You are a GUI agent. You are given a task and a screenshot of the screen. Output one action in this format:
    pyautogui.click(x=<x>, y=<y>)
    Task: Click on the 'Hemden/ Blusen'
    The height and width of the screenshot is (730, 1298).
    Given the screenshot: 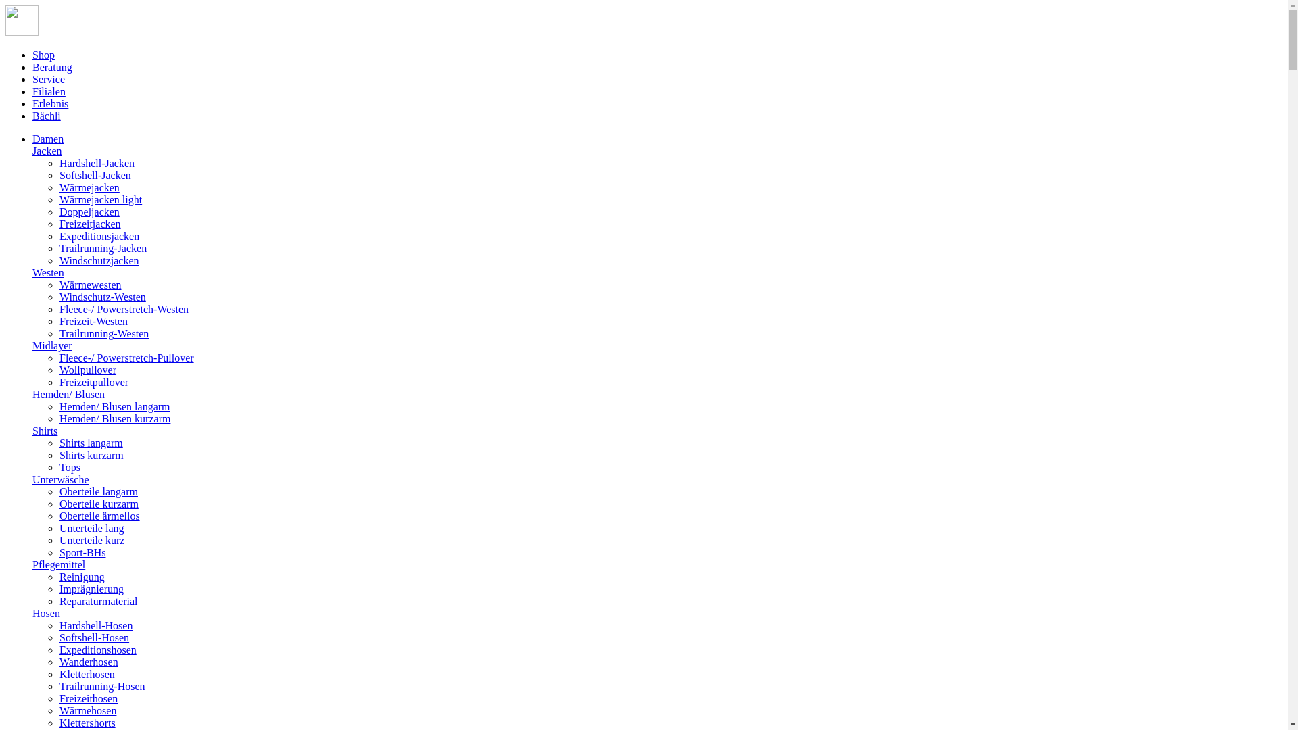 What is the action you would take?
    pyautogui.click(x=68, y=394)
    